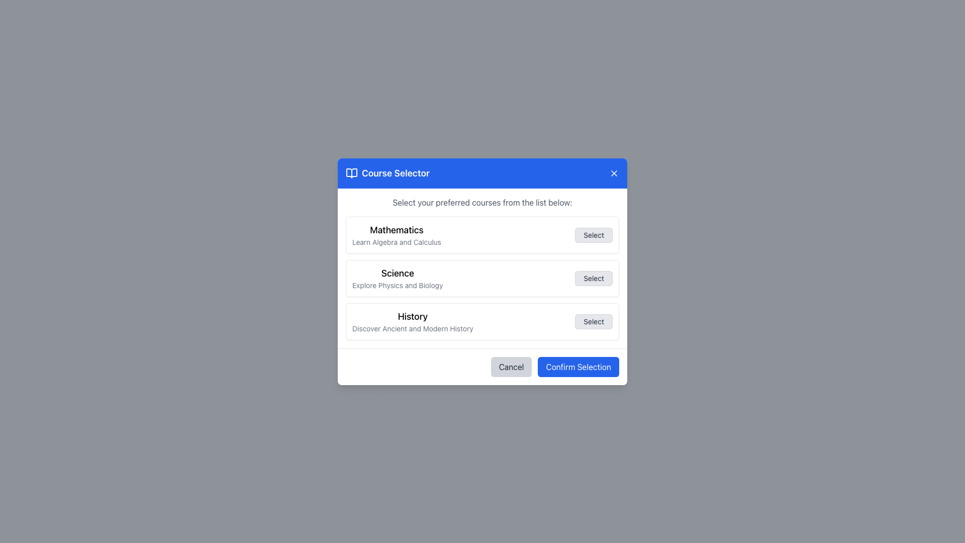 The height and width of the screenshot is (543, 965). I want to click on the text label 'Learn Algebra and Calculus' which is positioned directly below the main header 'Mathematics' in the dialog box, so click(396, 242).